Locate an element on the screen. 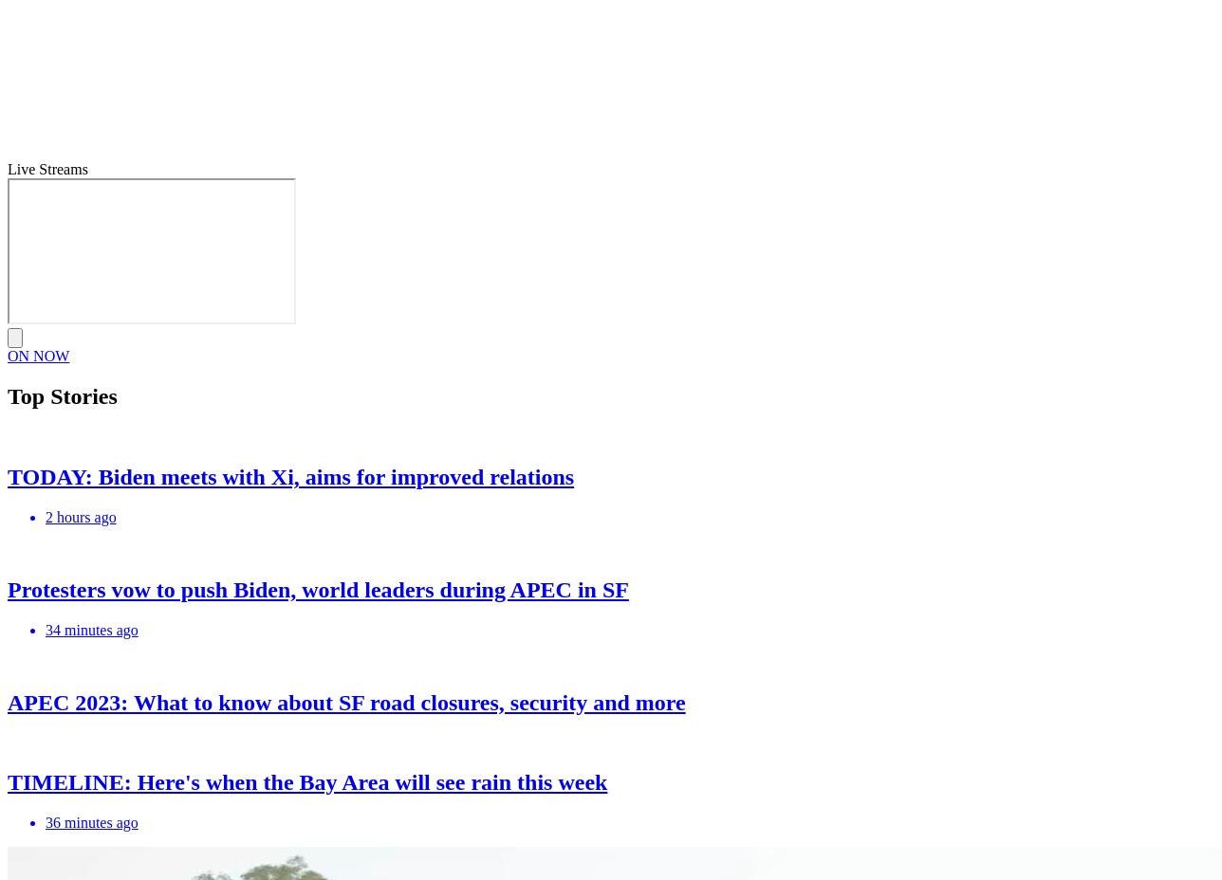 The image size is (1222, 880). 'APEC 2023: What to know about SF road closures, security and more' is located at coordinates (346, 700).